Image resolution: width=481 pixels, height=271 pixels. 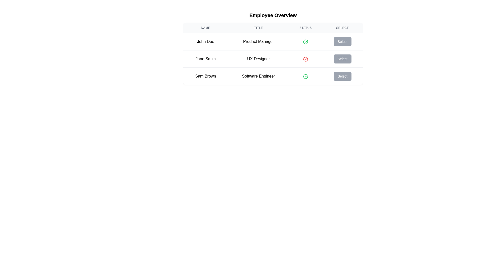 I want to click on the 'Title' text label, which is the second column header styled in small, uppercase font and located near the top-center of the layout, so click(x=259, y=28).